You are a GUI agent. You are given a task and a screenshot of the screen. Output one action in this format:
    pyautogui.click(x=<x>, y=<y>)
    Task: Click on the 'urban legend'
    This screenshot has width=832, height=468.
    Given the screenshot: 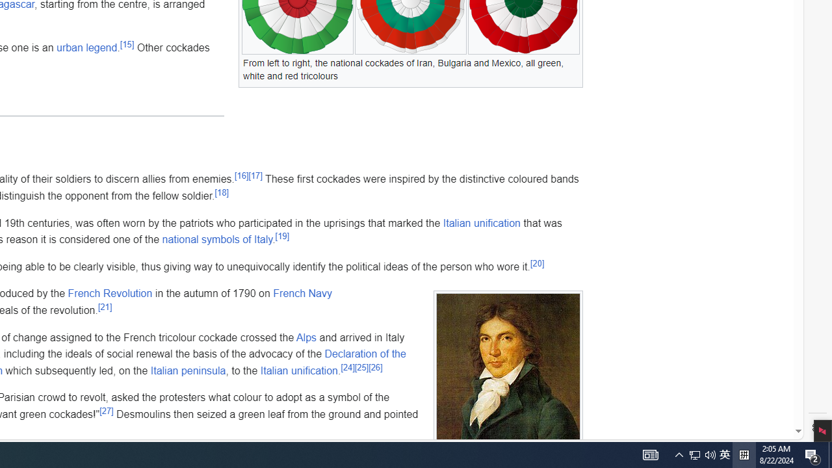 What is the action you would take?
    pyautogui.click(x=86, y=47)
    